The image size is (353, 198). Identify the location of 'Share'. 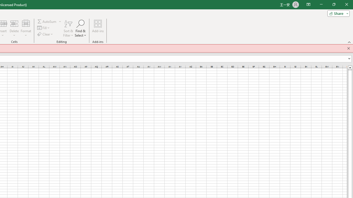
(337, 13).